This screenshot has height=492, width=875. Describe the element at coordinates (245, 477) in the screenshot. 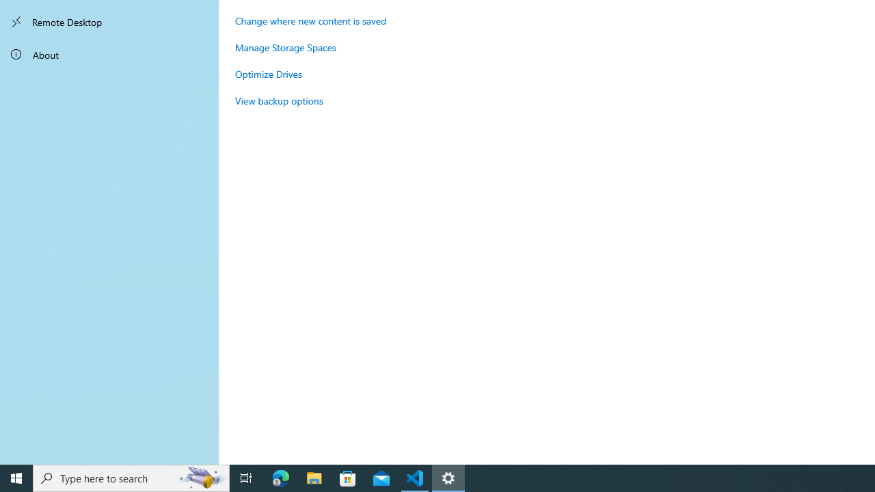

I see `'Task View'` at that location.